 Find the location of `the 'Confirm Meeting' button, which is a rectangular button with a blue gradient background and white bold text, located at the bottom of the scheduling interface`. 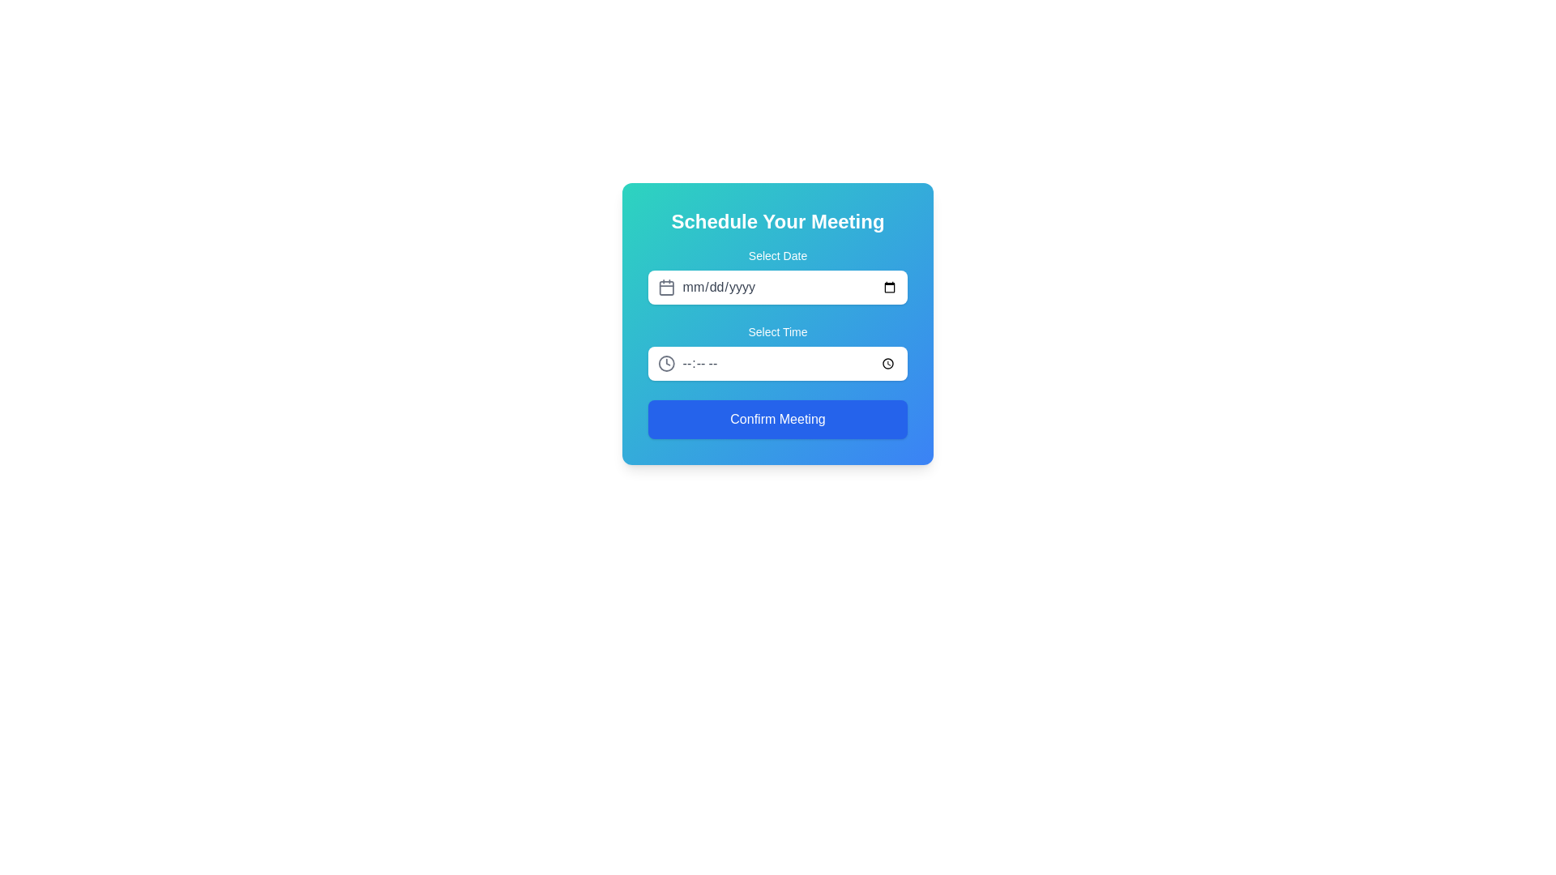

the 'Confirm Meeting' button, which is a rectangular button with a blue gradient background and white bold text, located at the bottom of the scheduling interface is located at coordinates (778, 418).